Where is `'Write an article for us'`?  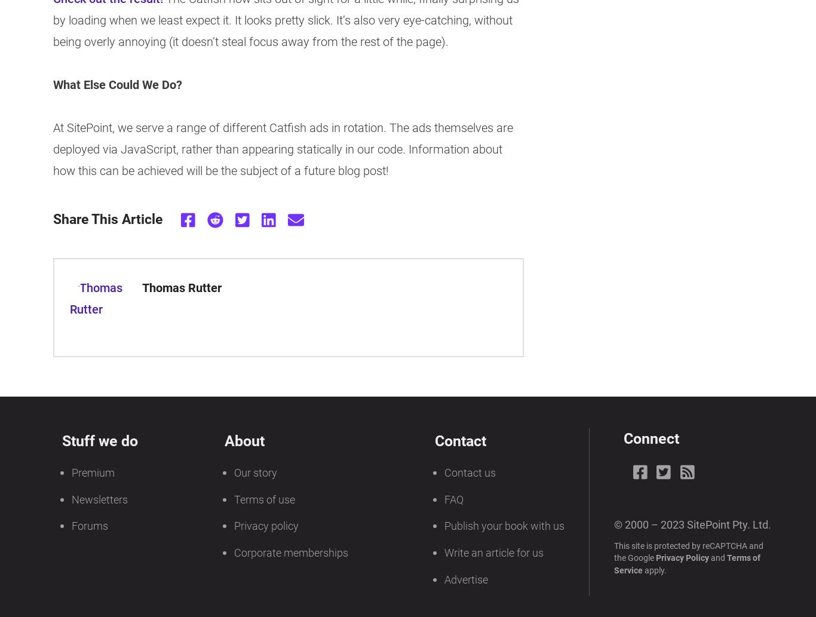
'Write an article for us' is located at coordinates (493, 552).